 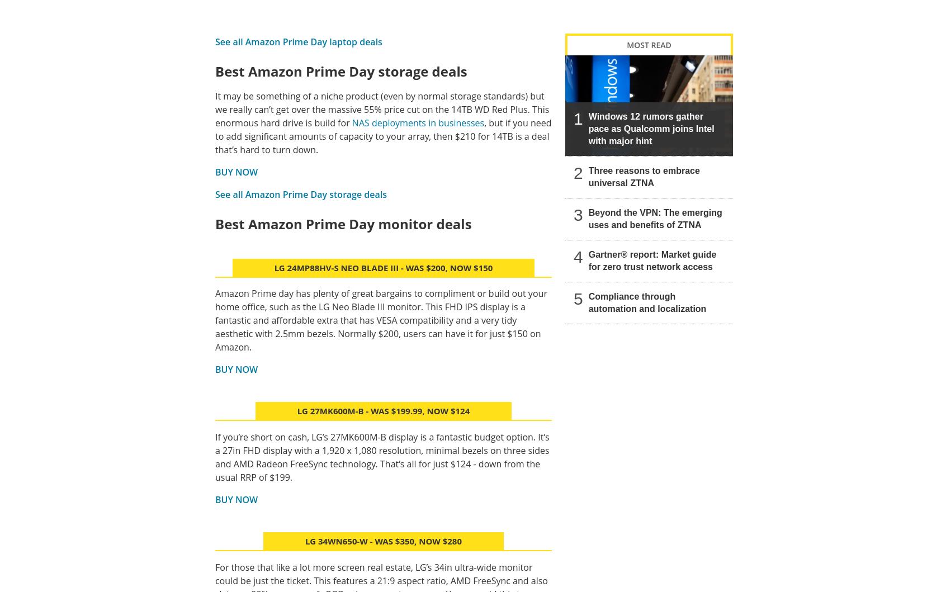 What do you see at coordinates (383, 136) in the screenshot?
I see `', but if you need to add significant amounts of capacity to your array, then $210 for 14TB is a deal that’s hard to turn down.'` at bounding box center [383, 136].